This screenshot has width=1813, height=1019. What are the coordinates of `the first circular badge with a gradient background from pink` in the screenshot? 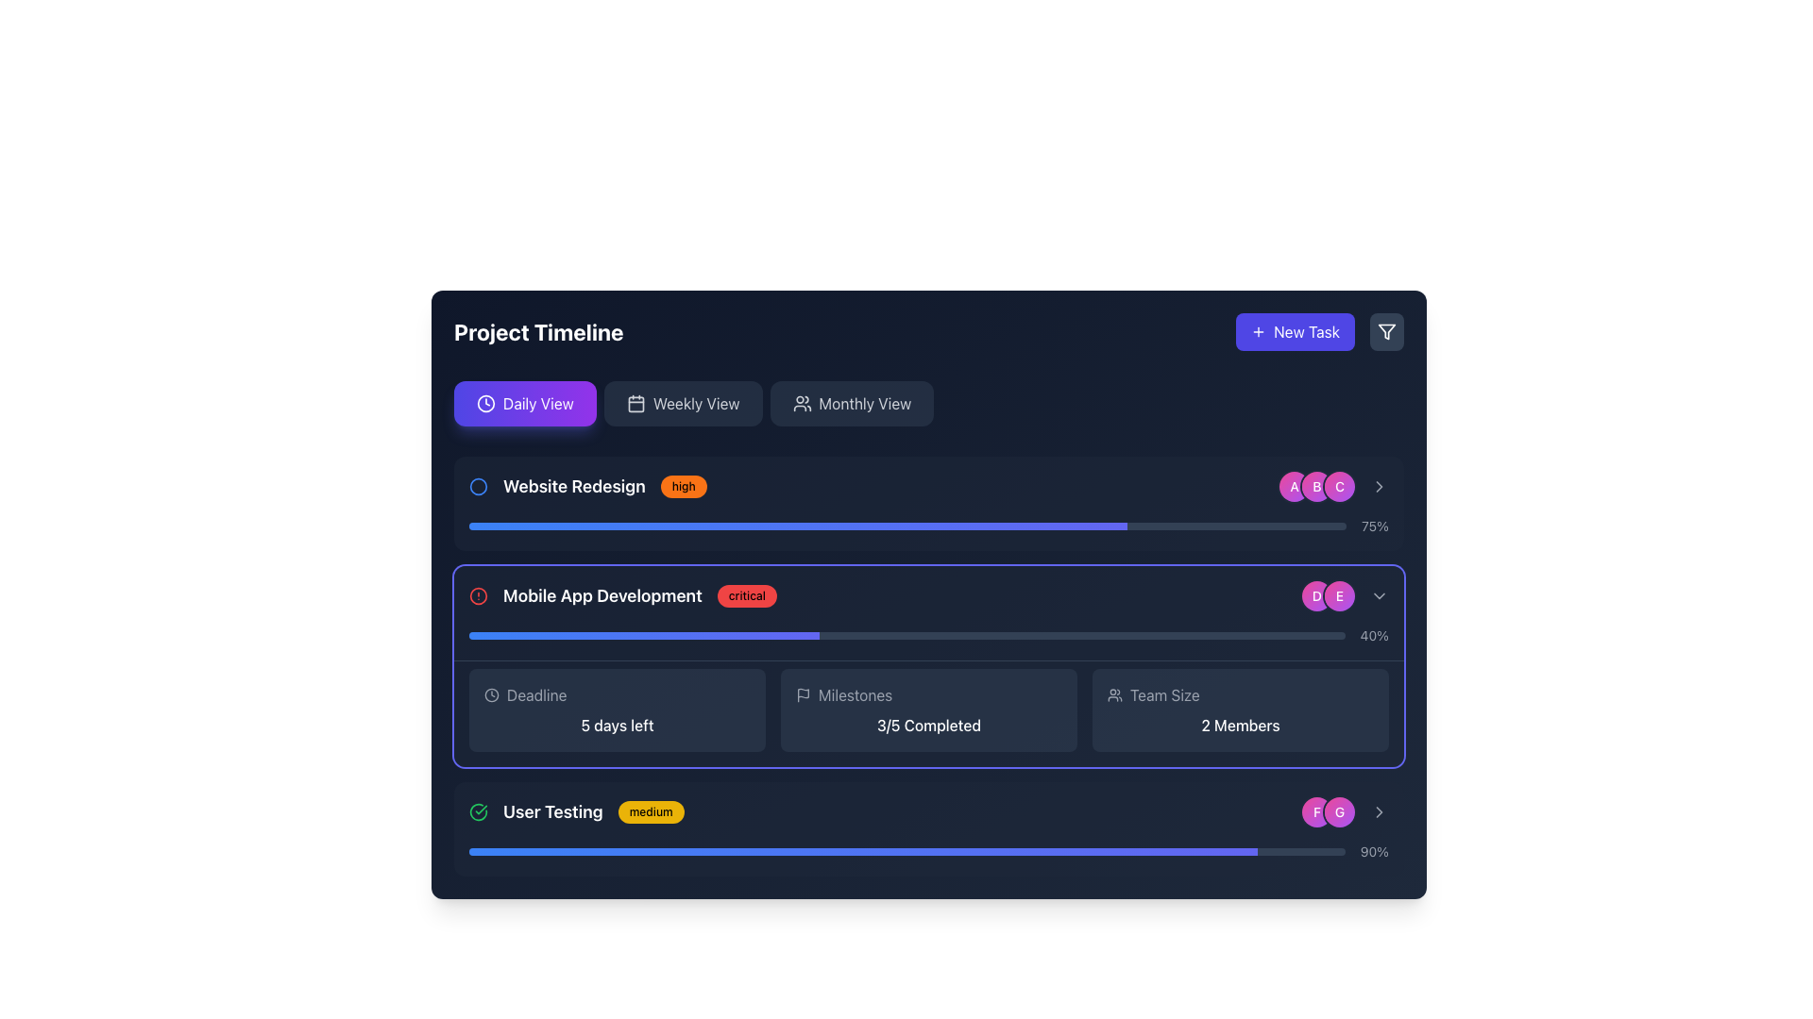 It's located at (1294, 486).